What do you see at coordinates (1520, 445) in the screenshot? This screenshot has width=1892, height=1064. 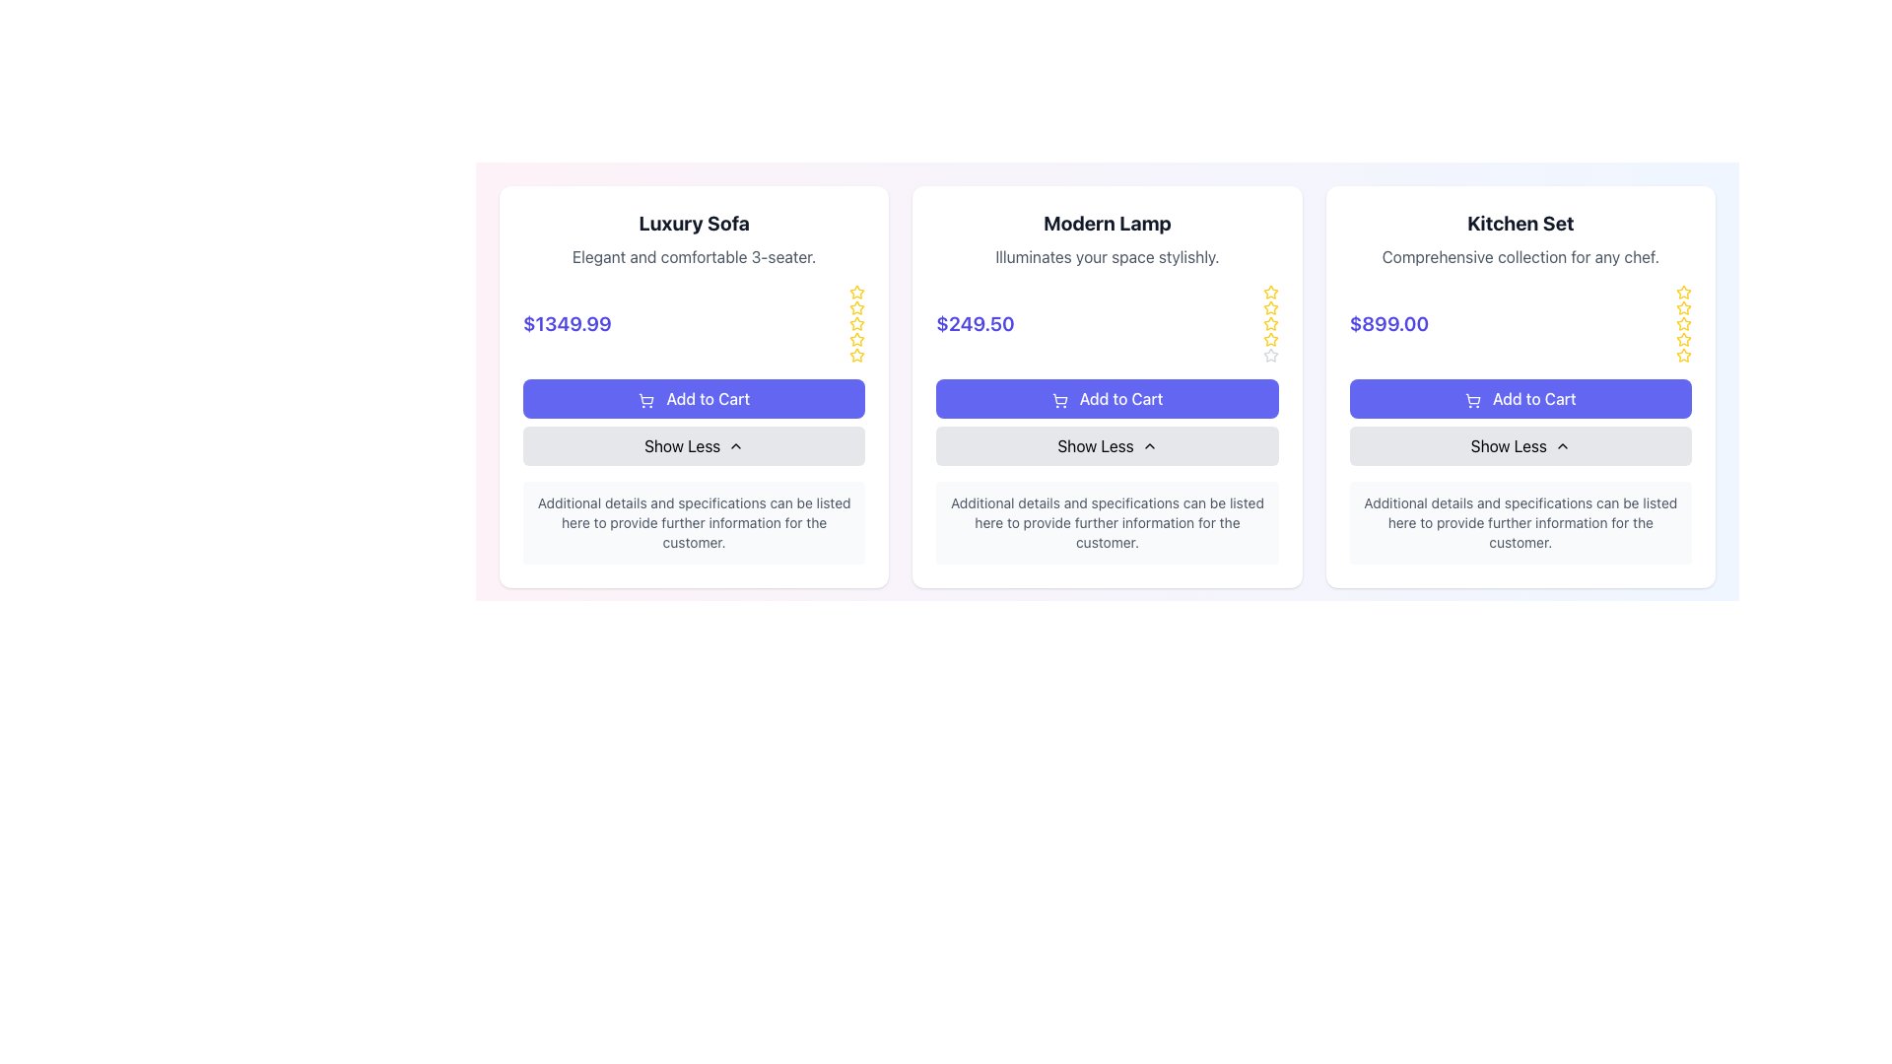 I see `the 'Show Less' button, which is a rectangular button with a light gray background and contains the text 'Show Less' in black, located below the 'Add to Cart' button on the 'Kitchen Set' card` at bounding box center [1520, 445].